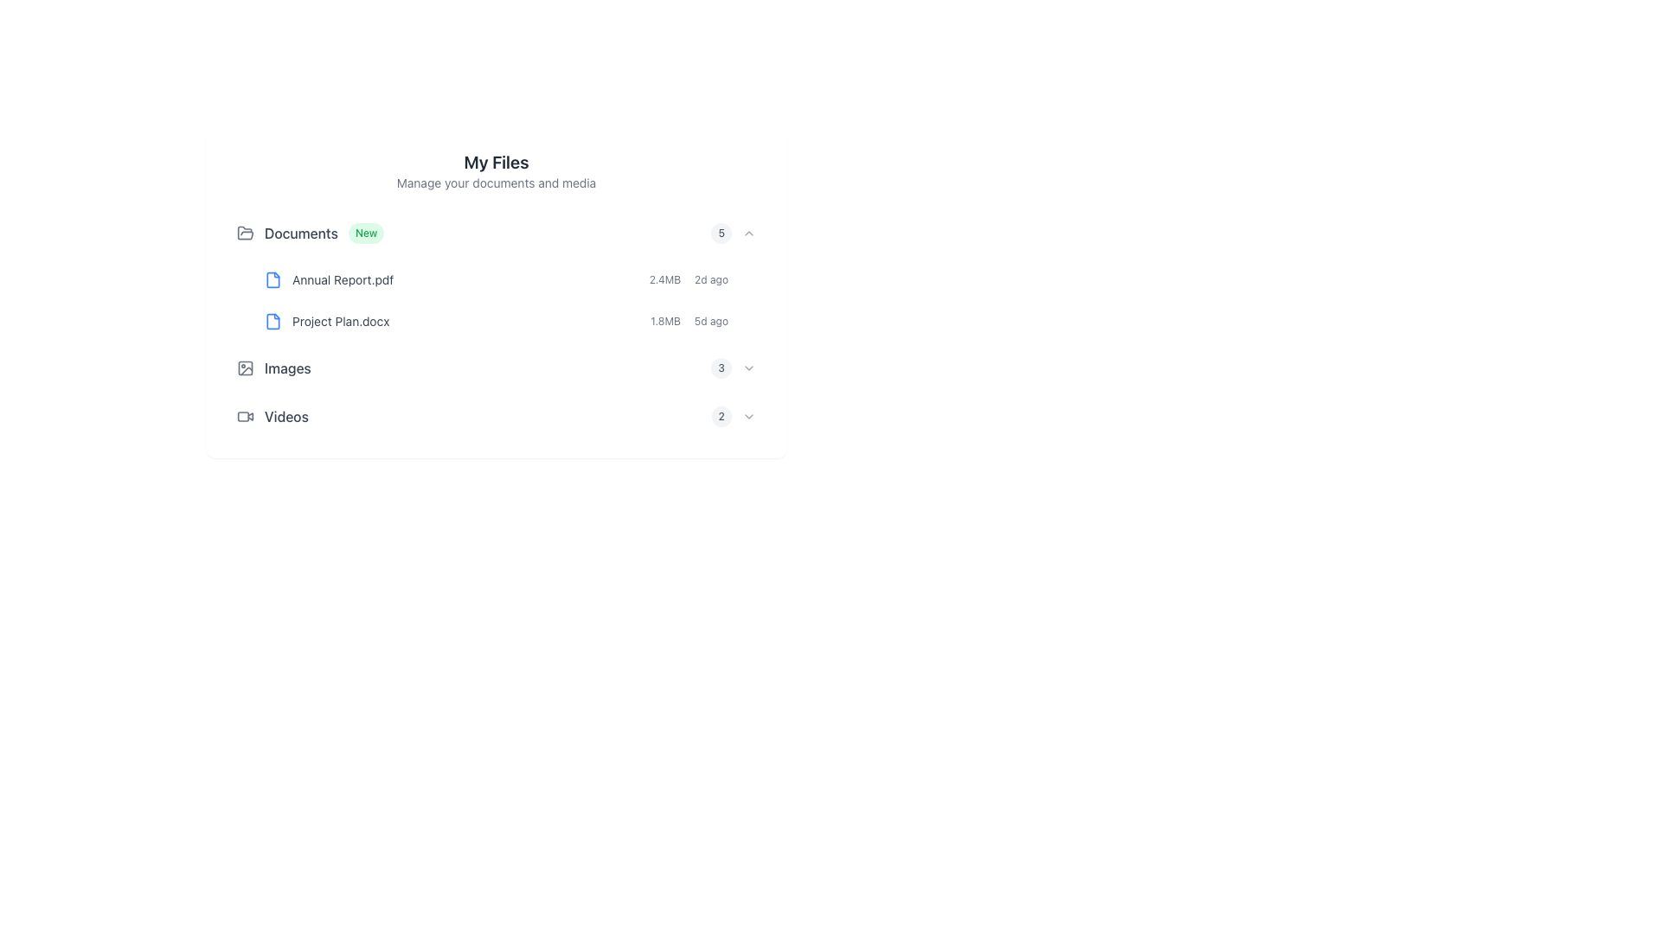  What do you see at coordinates (721, 233) in the screenshot?
I see `the badge indicating the count of items in the 'Documents' section, located to the right of the section header and before the downward-facing chevron icon` at bounding box center [721, 233].